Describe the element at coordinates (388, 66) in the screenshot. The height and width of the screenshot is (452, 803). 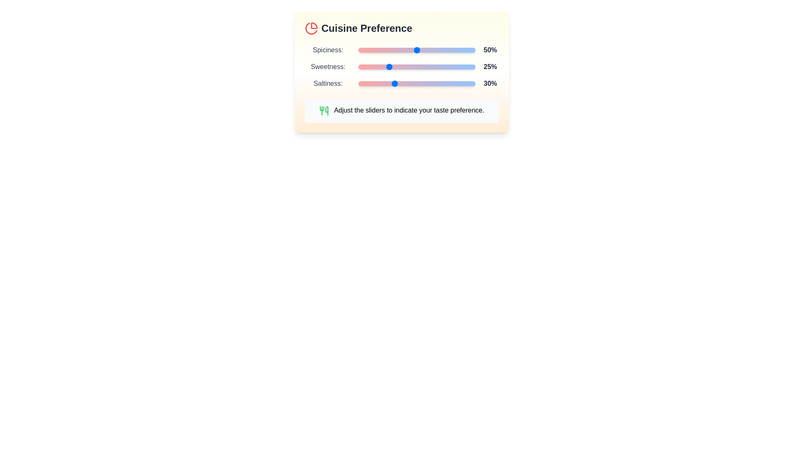
I see `the sweetness slider to 26%` at that location.